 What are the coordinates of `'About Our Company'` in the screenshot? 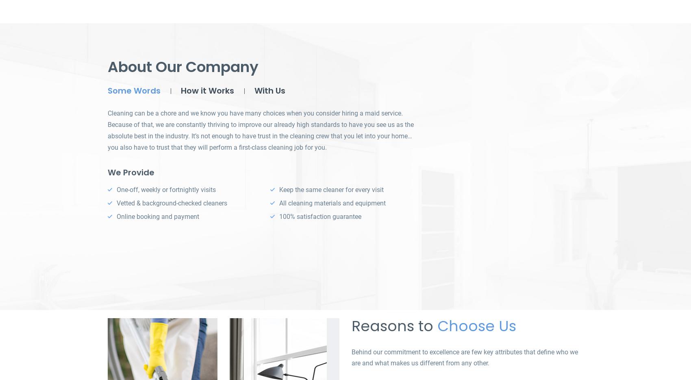 It's located at (183, 67).